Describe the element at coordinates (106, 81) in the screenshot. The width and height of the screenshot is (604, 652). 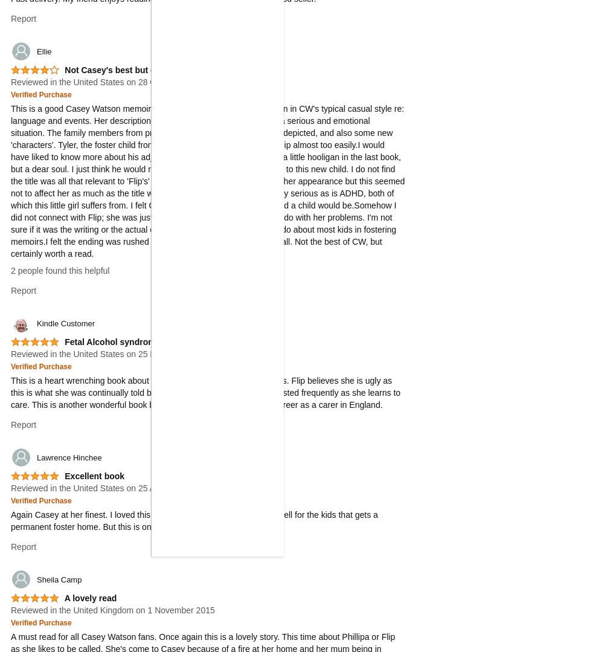
I see `'Reviewed in the United States on 28 October 2015'` at that location.